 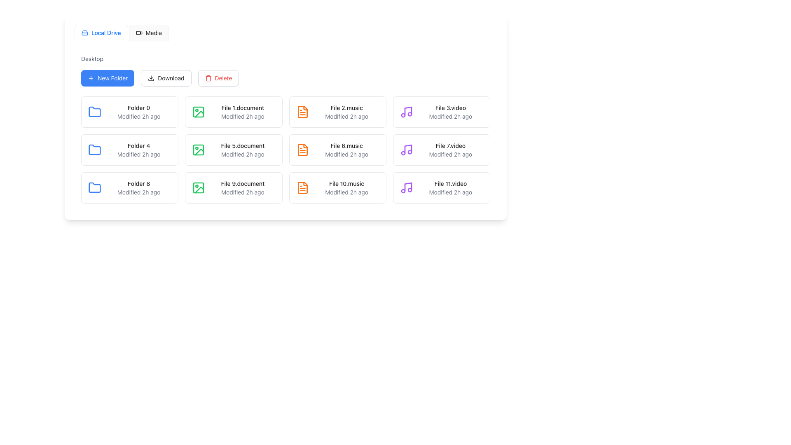 I want to click on the list item containing the purple musical note icon and the text 'File 11.video', so click(x=441, y=187).